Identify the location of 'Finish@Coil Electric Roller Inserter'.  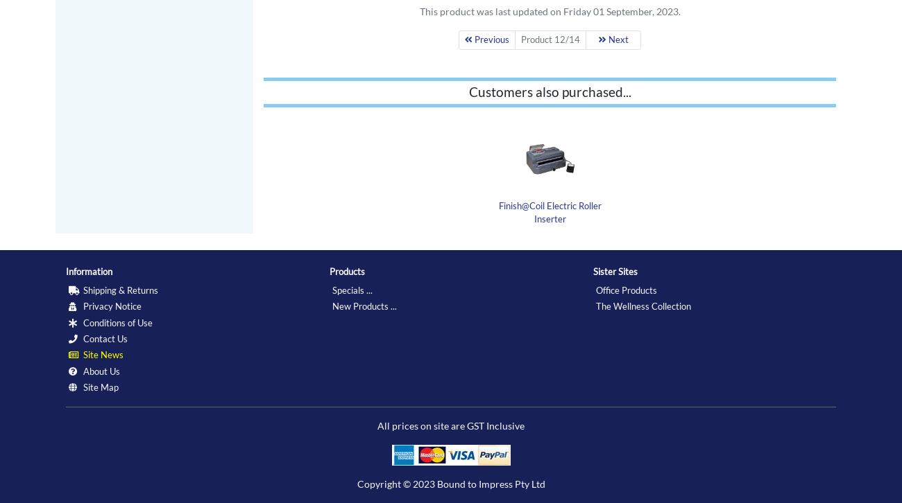
(548, 211).